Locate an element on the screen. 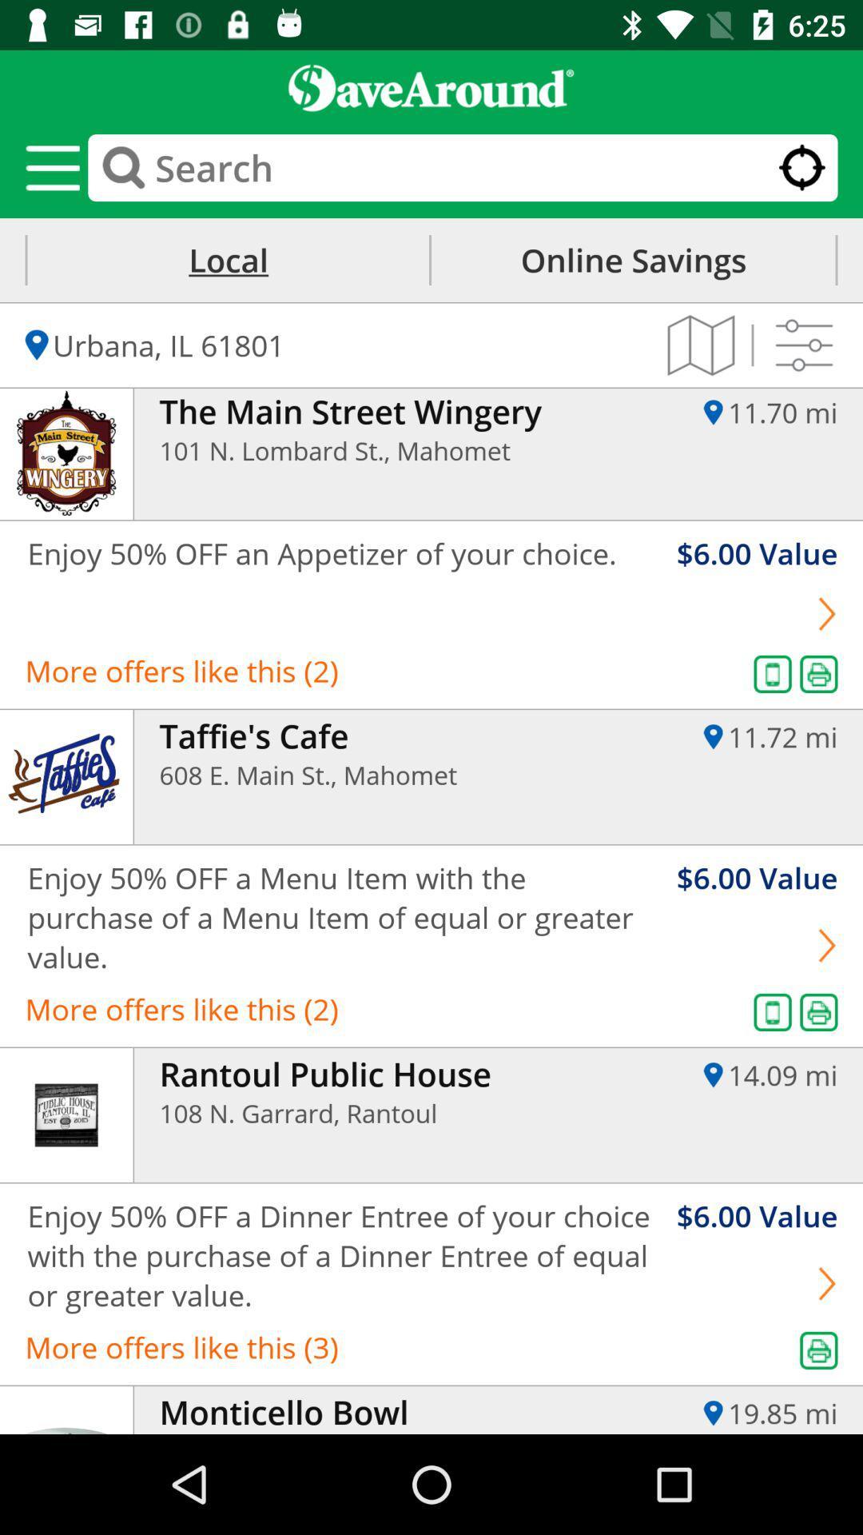 This screenshot has width=863, height=1535. right of second option is located at coordinates (827, 613).